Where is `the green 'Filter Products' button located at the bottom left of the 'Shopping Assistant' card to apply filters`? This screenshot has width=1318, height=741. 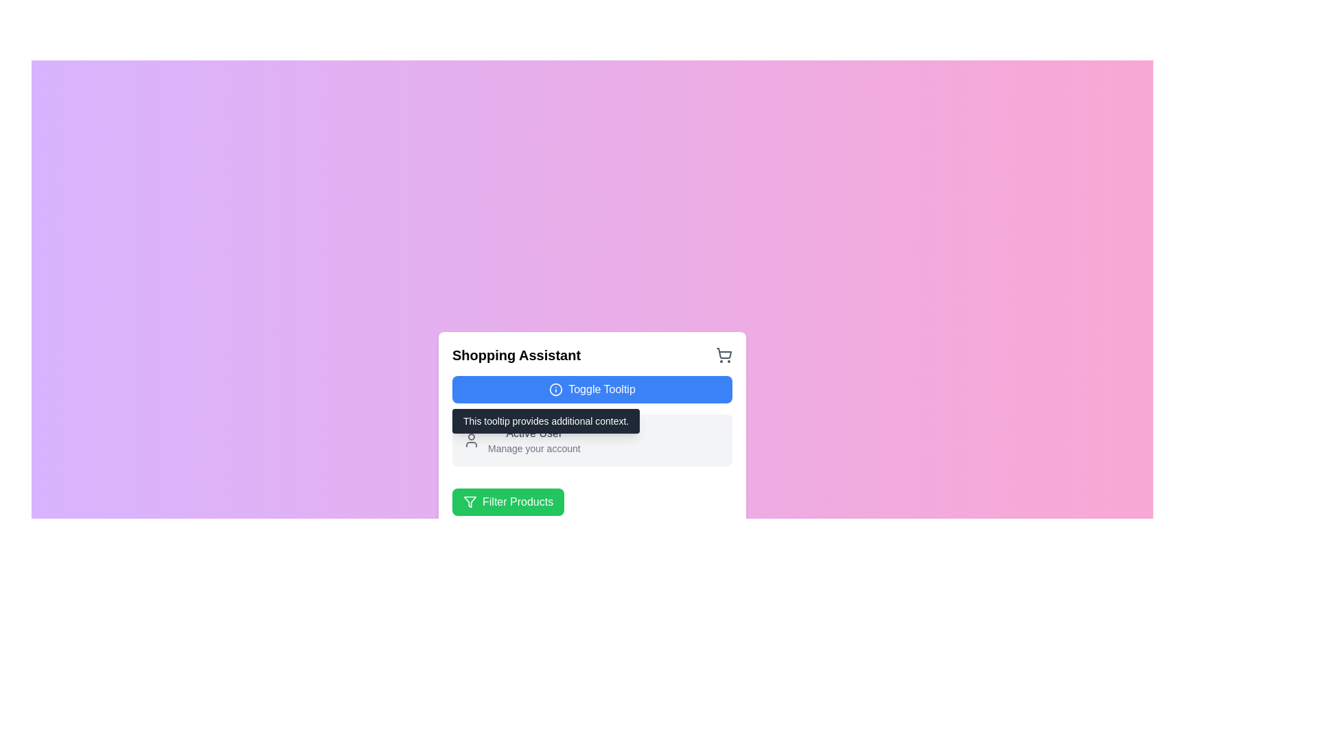
the green 'Filter Products' button located at the bottom left of the 'Shopping Assistant' card to apply filters is located at coordinates (592, 497).